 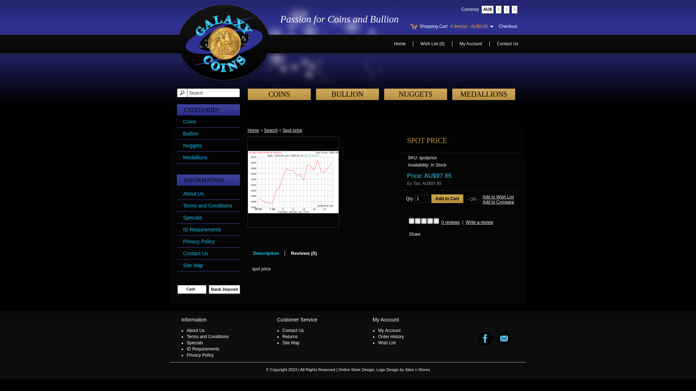 What do you see at coordinates (304, 253) in the screenshot?
I see `'Reviews (0)'` at bounding box center [304, 253].